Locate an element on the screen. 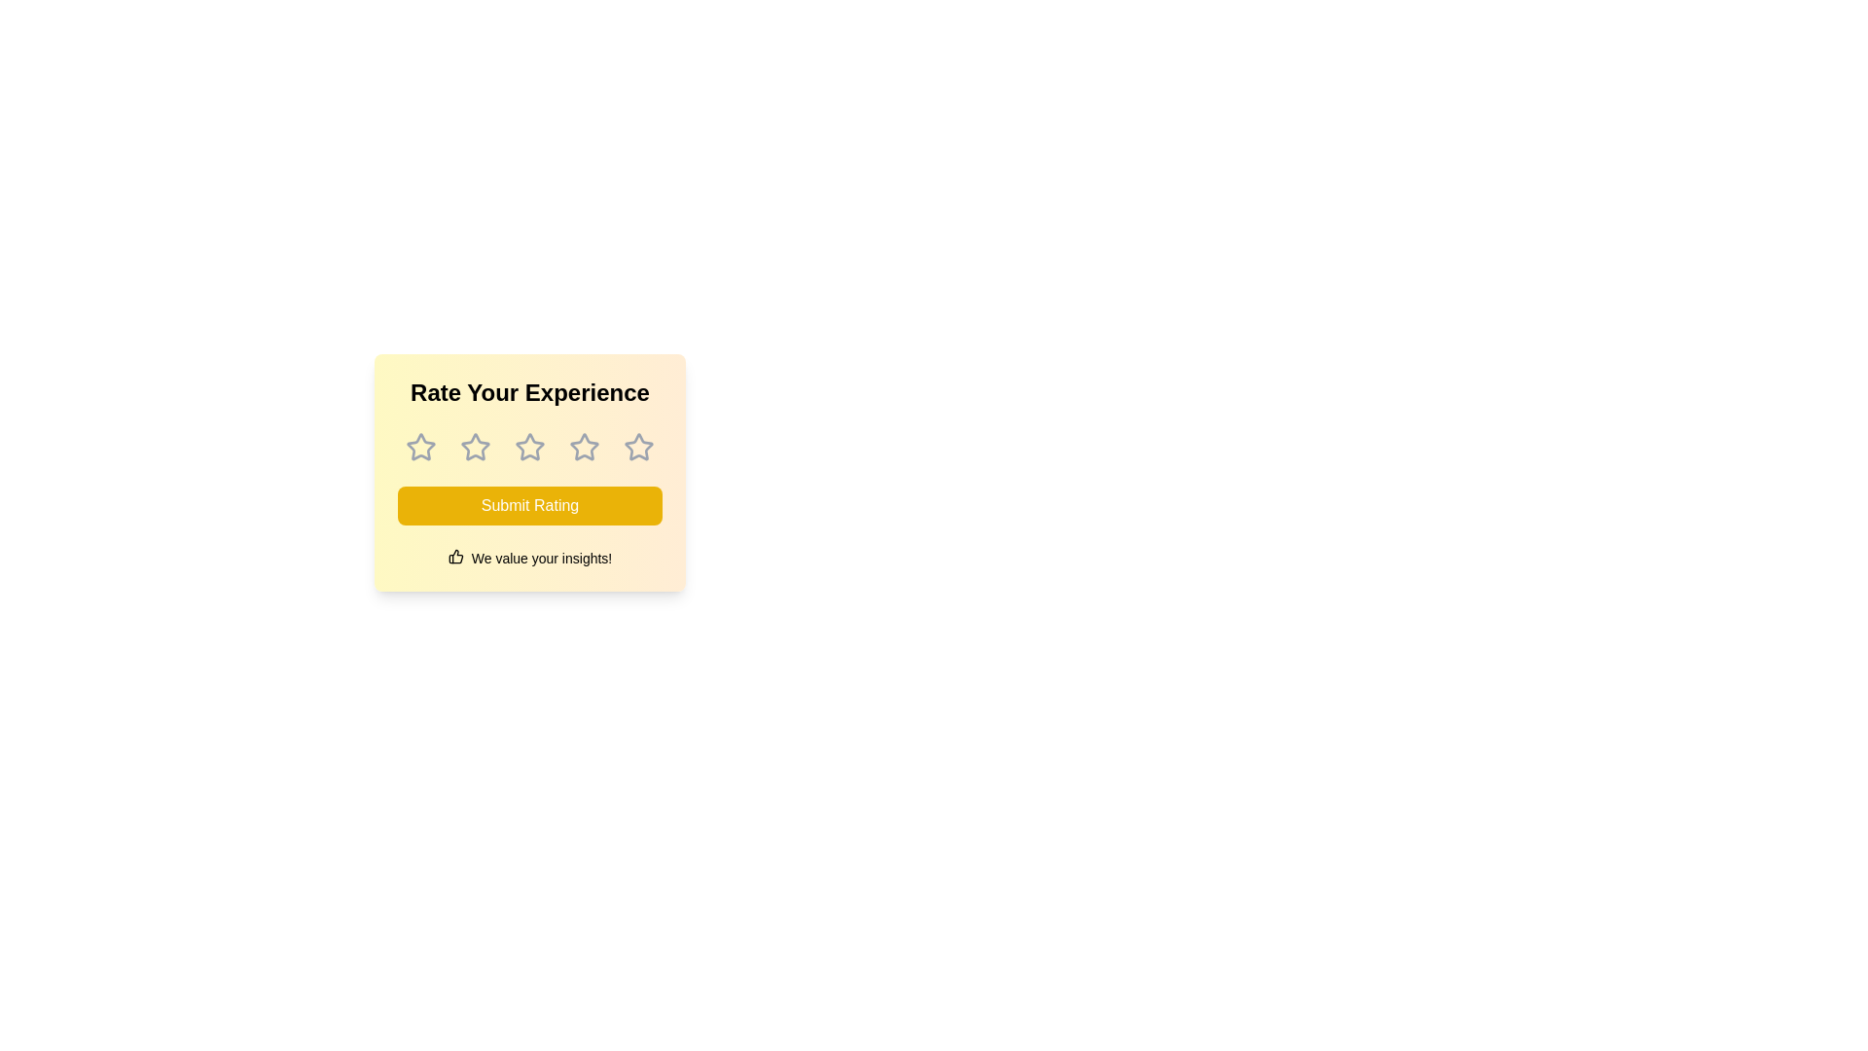  the third rating star icon, which is part of a horizontal row of five stars located below the 'Rate Your Experience' heading is located at coordinates (530, 447).